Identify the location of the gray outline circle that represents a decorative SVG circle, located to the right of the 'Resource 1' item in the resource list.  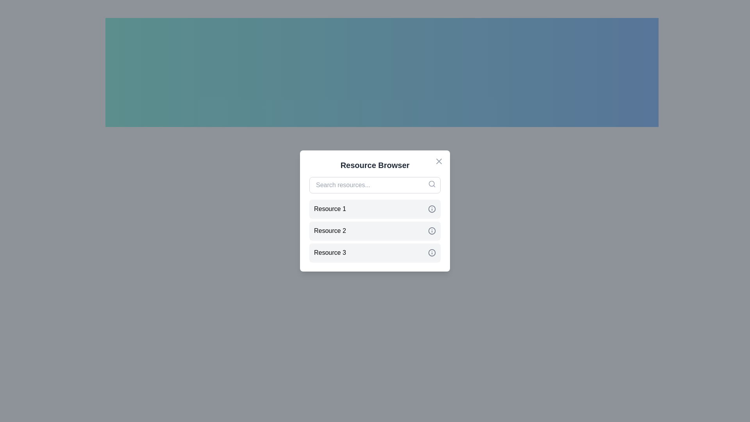
(431, 209).